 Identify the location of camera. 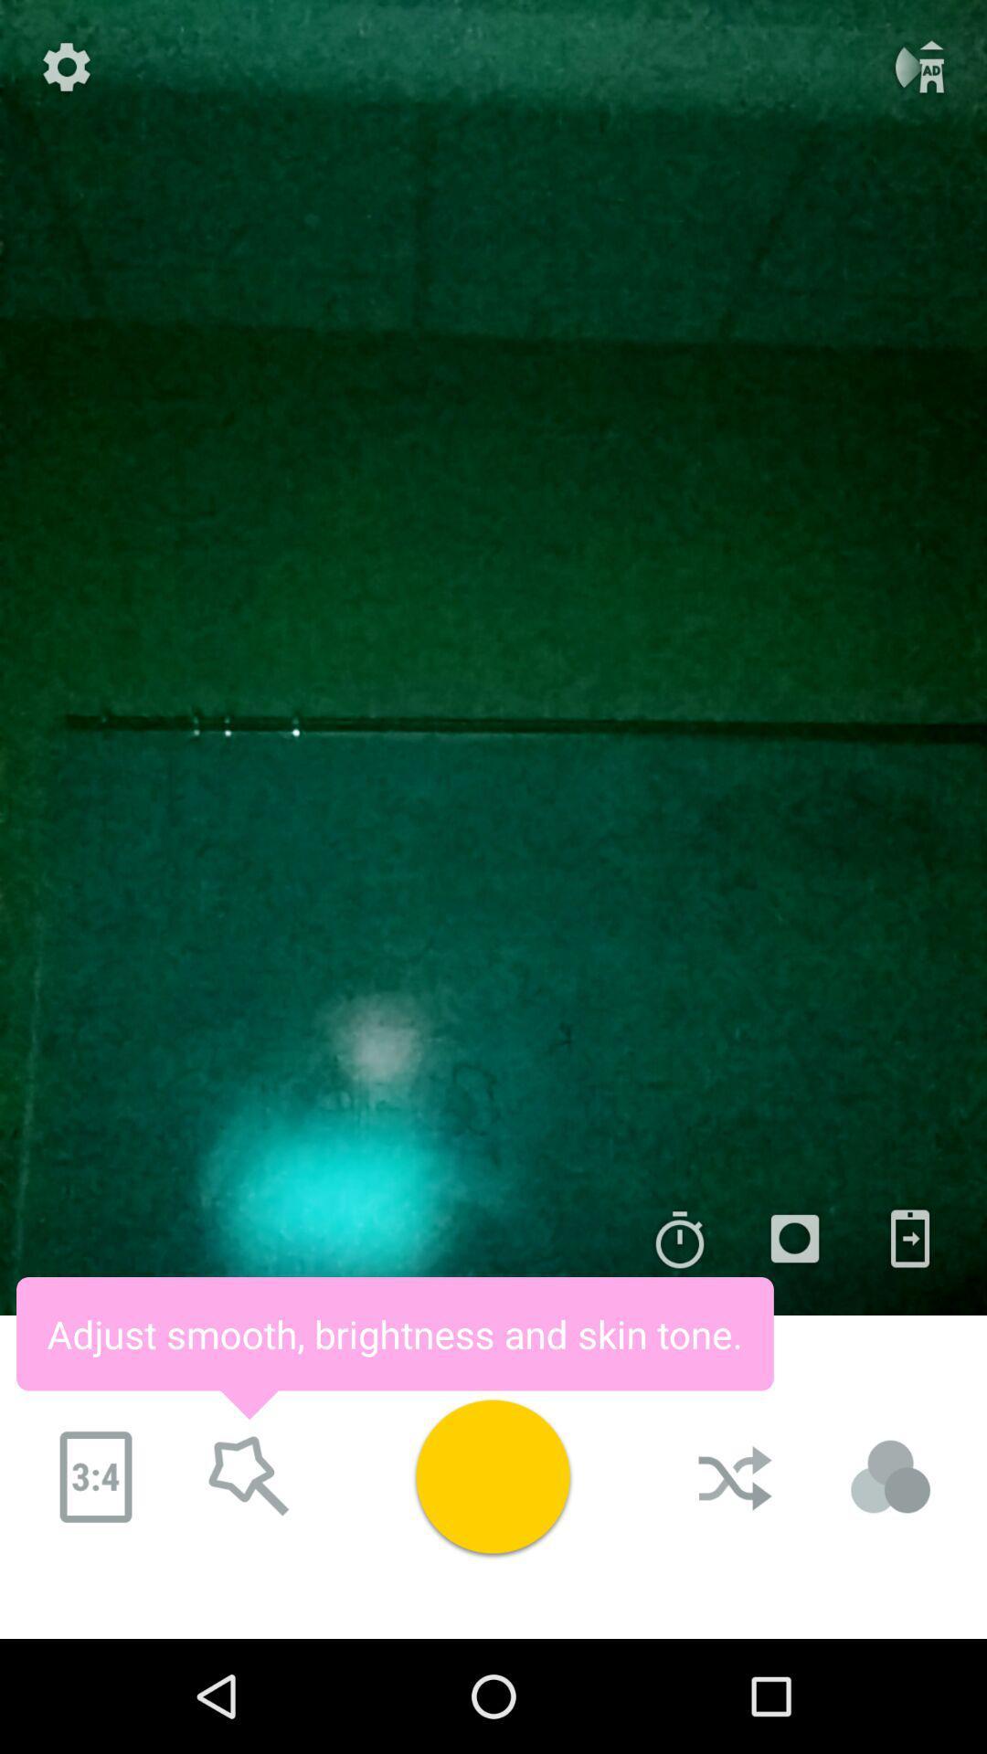
(794, 1239).